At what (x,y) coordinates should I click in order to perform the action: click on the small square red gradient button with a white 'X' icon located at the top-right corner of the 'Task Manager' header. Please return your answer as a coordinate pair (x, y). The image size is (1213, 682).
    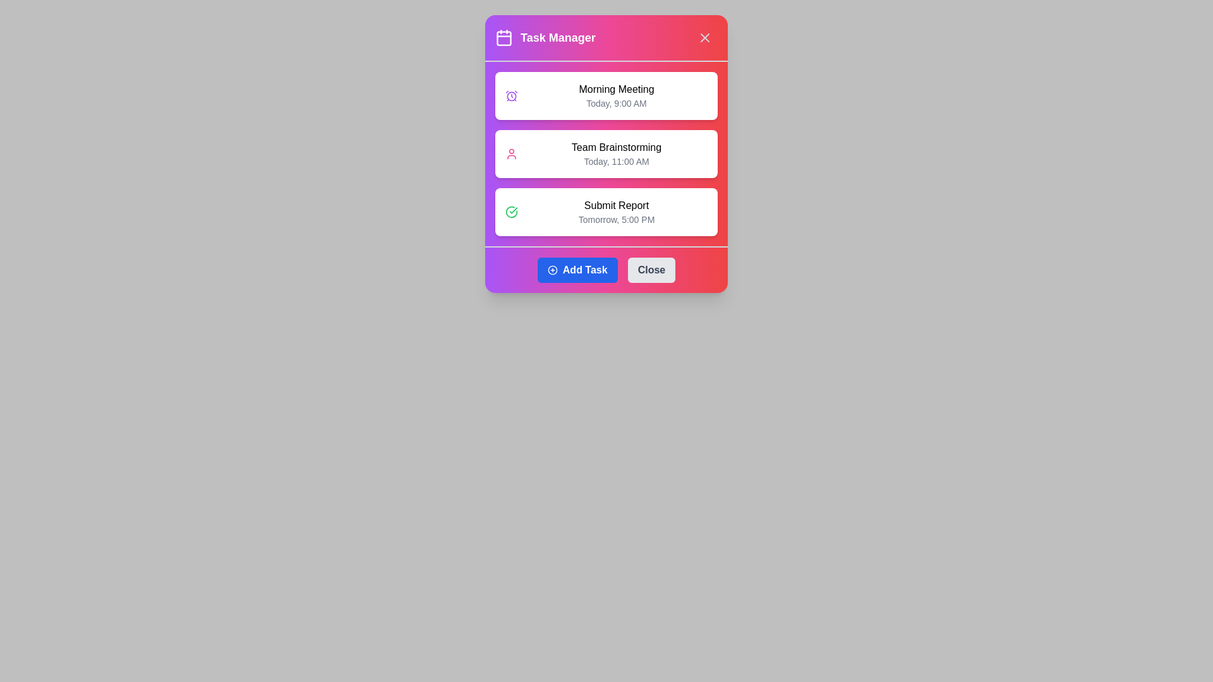
    Looking at the image, I should click on (704, 37).